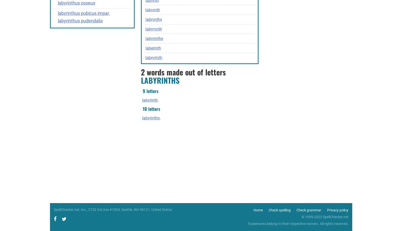 Image resolution: width=402 pixels, height=231 pixels. What do you see at coordinates (253, 210) in the screenshot?
I see `'Home'` at bounding box center [253, 210].